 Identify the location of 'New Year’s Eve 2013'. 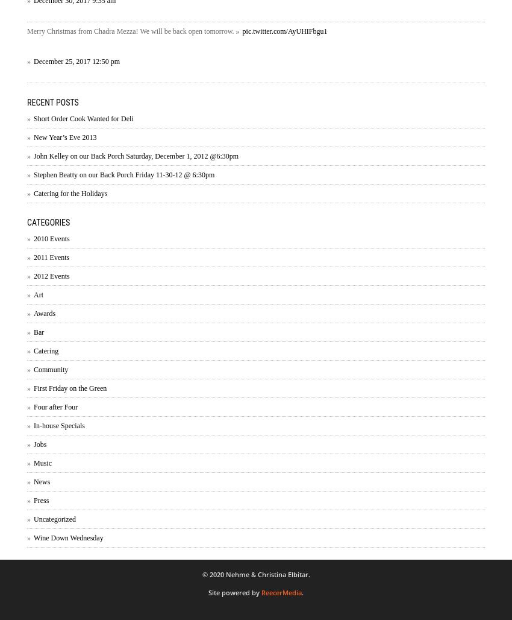
(64, 136).